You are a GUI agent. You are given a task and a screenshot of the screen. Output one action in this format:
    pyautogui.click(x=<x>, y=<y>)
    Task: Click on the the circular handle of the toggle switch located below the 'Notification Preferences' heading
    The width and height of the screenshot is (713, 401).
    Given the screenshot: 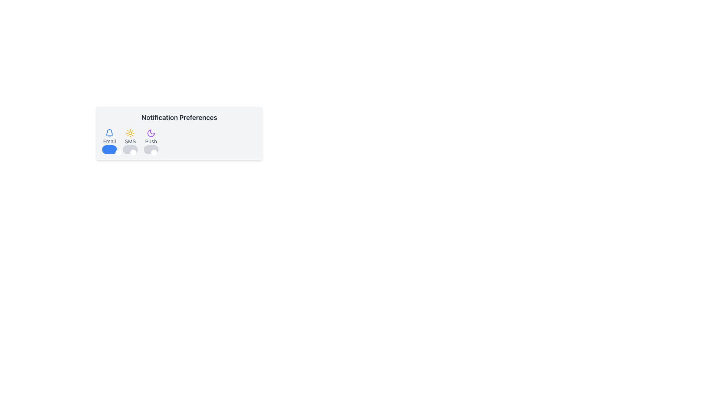 What is the action you would take?
    pyautogui.click(x=133, y=152)
    